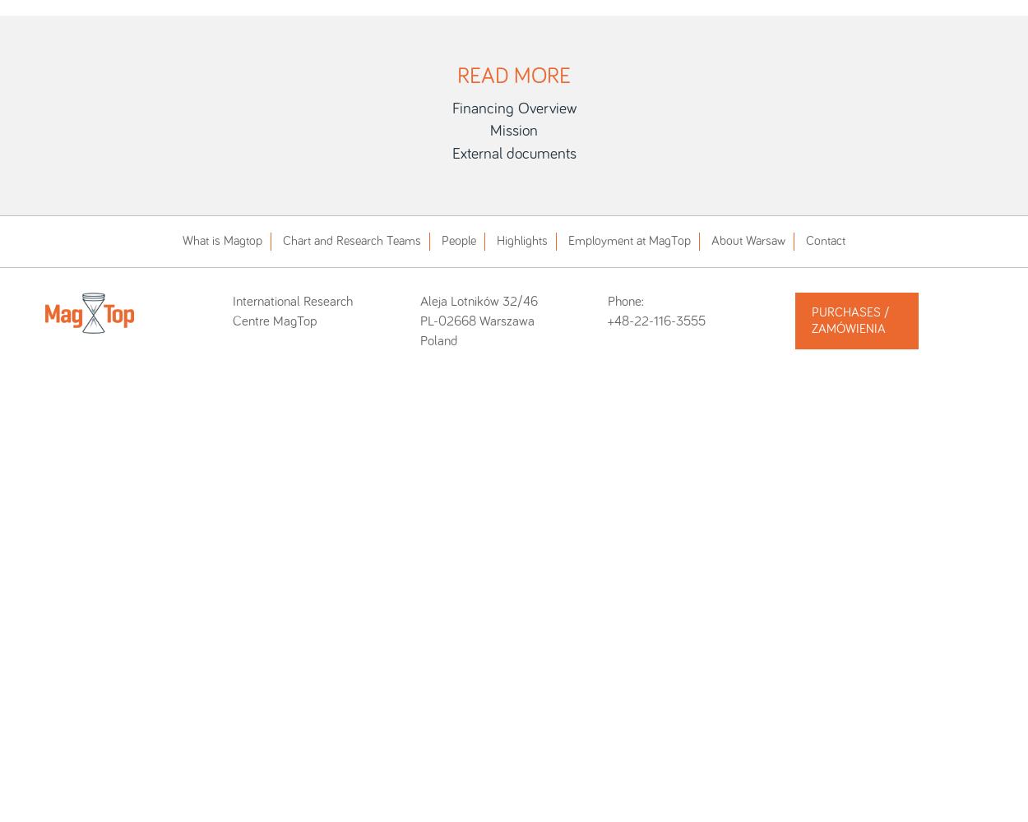  I want to click on 'What is Magtop', so click(222, 240).